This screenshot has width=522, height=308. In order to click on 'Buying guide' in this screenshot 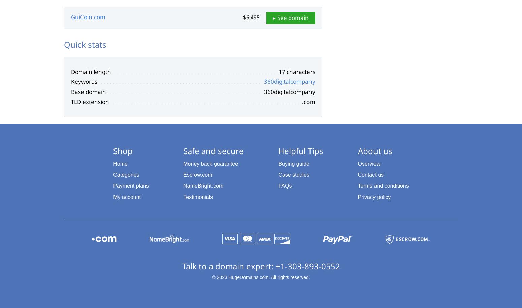, I will do `click(278, 163)`.